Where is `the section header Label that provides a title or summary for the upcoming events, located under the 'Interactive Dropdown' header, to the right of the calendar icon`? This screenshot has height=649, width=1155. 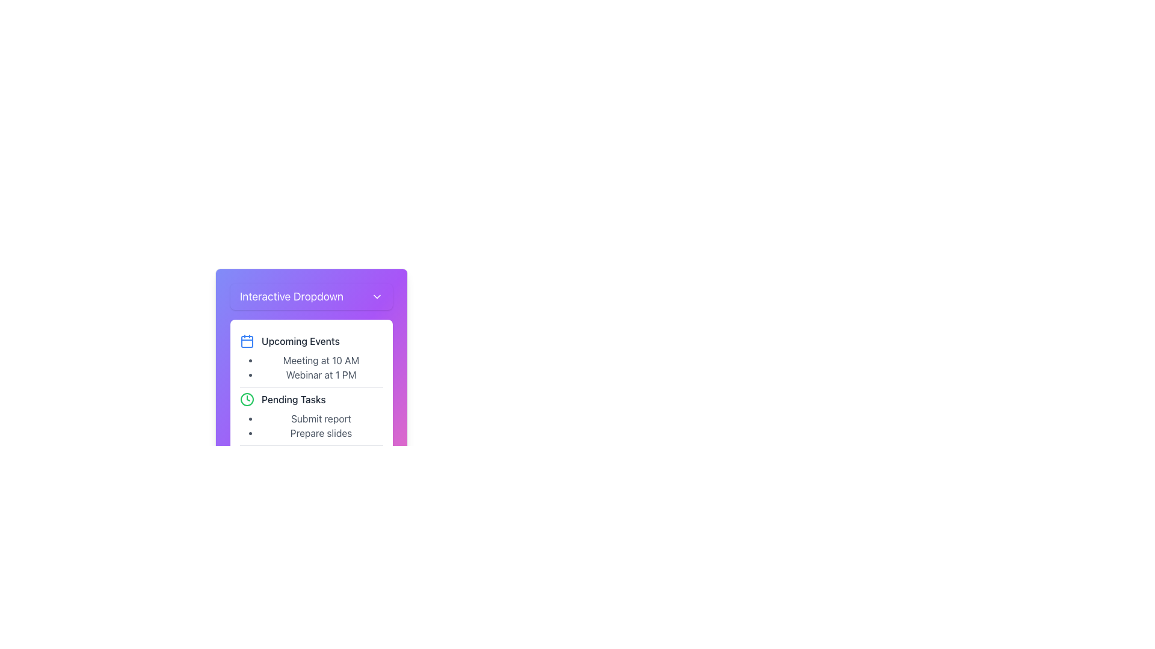 the section header Label that provides a title or summary for the upcoming events, located under the 'Interactive Dropdown' header, to the right of the calendar icon is located at coordinates (300, 341).